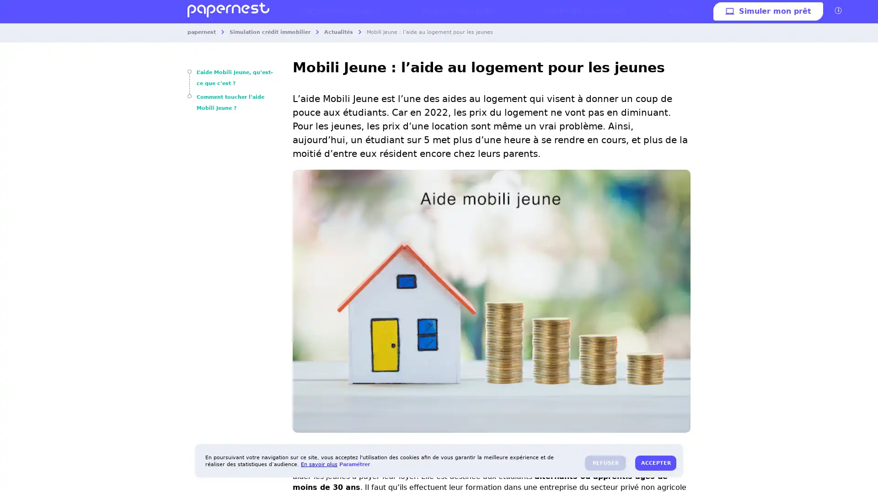  Describe the element at coordinates (655, 463) in the screenshot. I see `ACCEPTER` at that location.